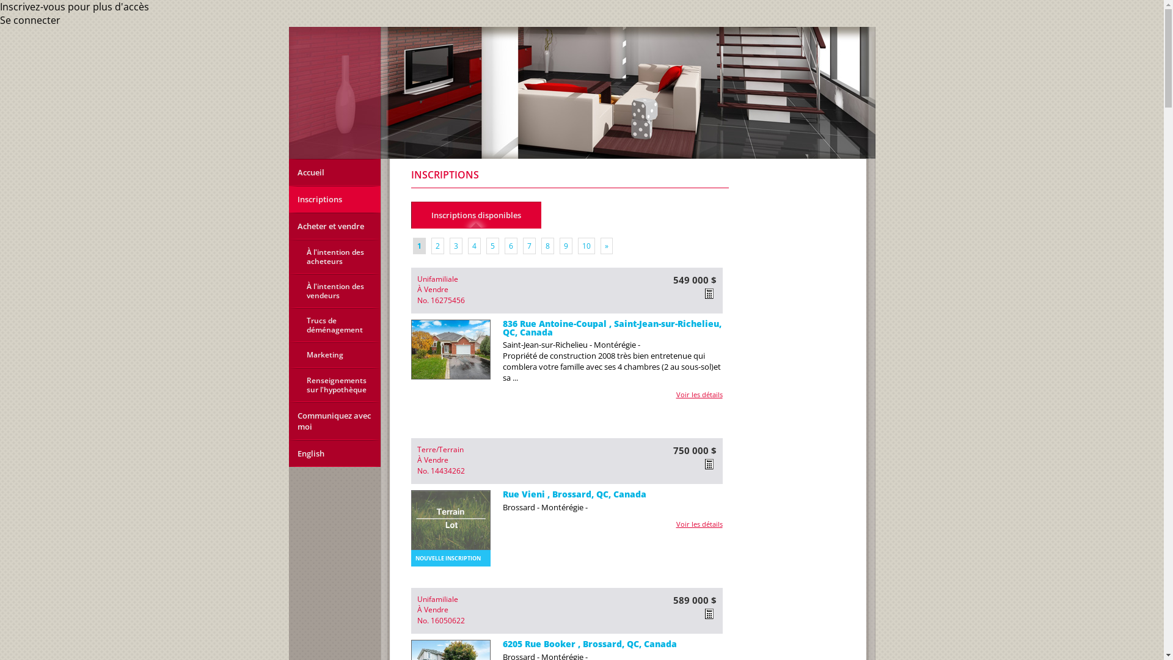 The image size is (1173, 660). Describe the element at coordinates (334, 453) in the screenshot. I see `'English'` at that location.